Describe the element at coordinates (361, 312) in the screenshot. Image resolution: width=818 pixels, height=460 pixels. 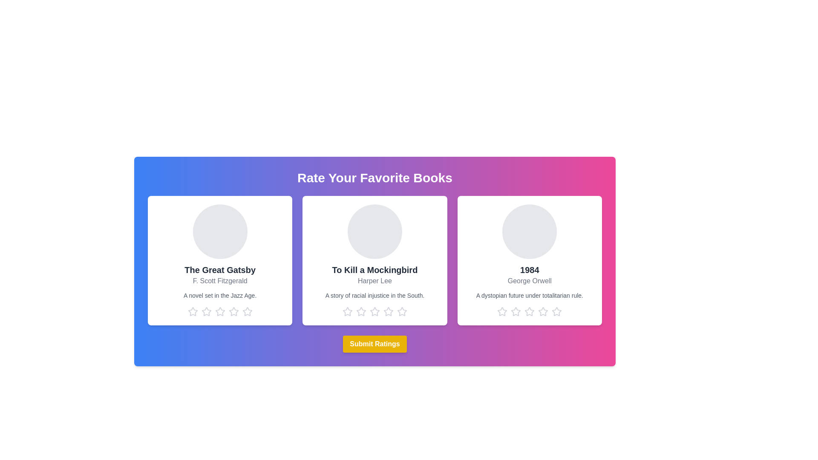
I see `the star corresponding to the rating 2 for the book titled To Kill a Mockingbird` at that location.